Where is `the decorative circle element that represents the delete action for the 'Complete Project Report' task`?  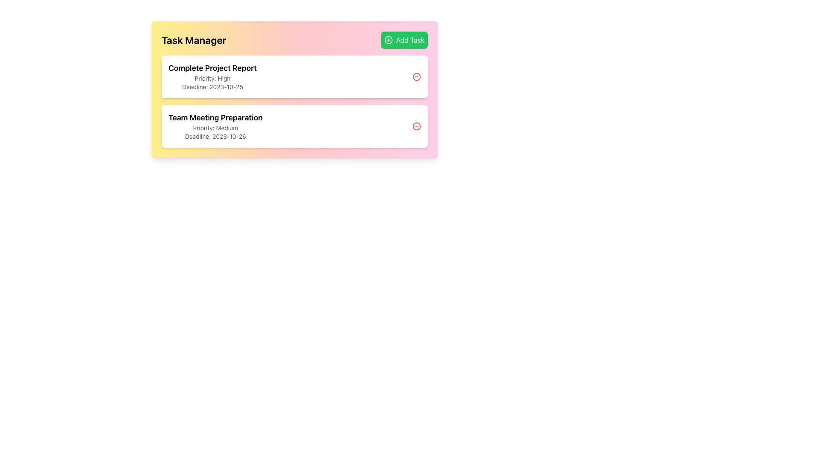 the decorative circle element that represents the delete action for the 'Complete Project Report' task is located at coordinates (417, 77).